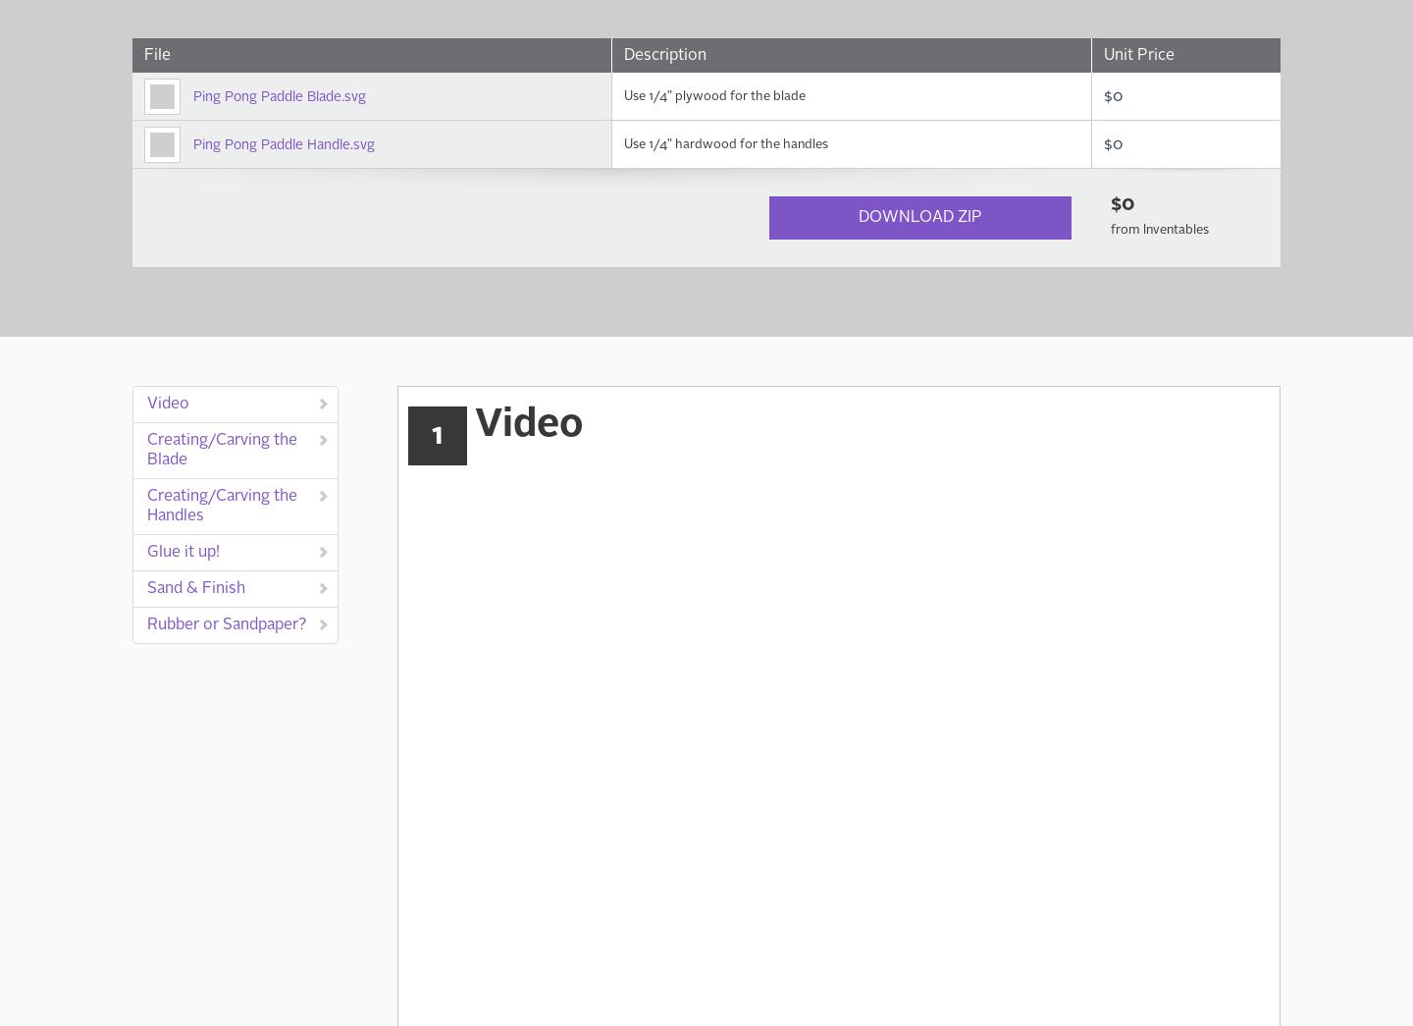 The image size is (1413, 1026). I want to click on '1', so click(432, 436).